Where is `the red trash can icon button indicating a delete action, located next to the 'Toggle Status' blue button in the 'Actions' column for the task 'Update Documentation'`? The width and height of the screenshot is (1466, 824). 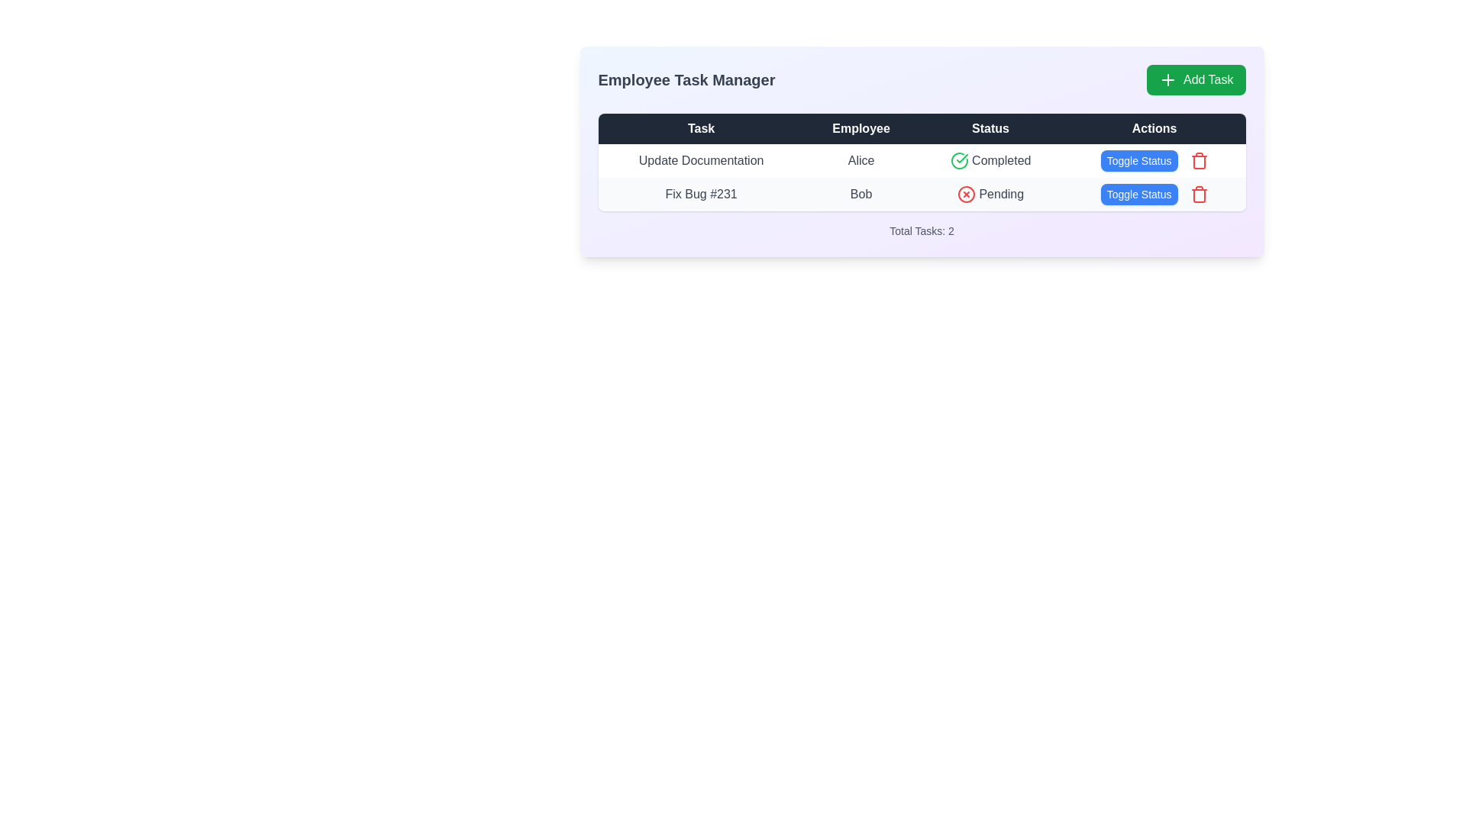
the red trash can icon button indicating a delete action, located next to the 'Toggle Status' blue button in the 'Actions' column for the task 'Update Documentation' is located at coordinates (1198, 193).